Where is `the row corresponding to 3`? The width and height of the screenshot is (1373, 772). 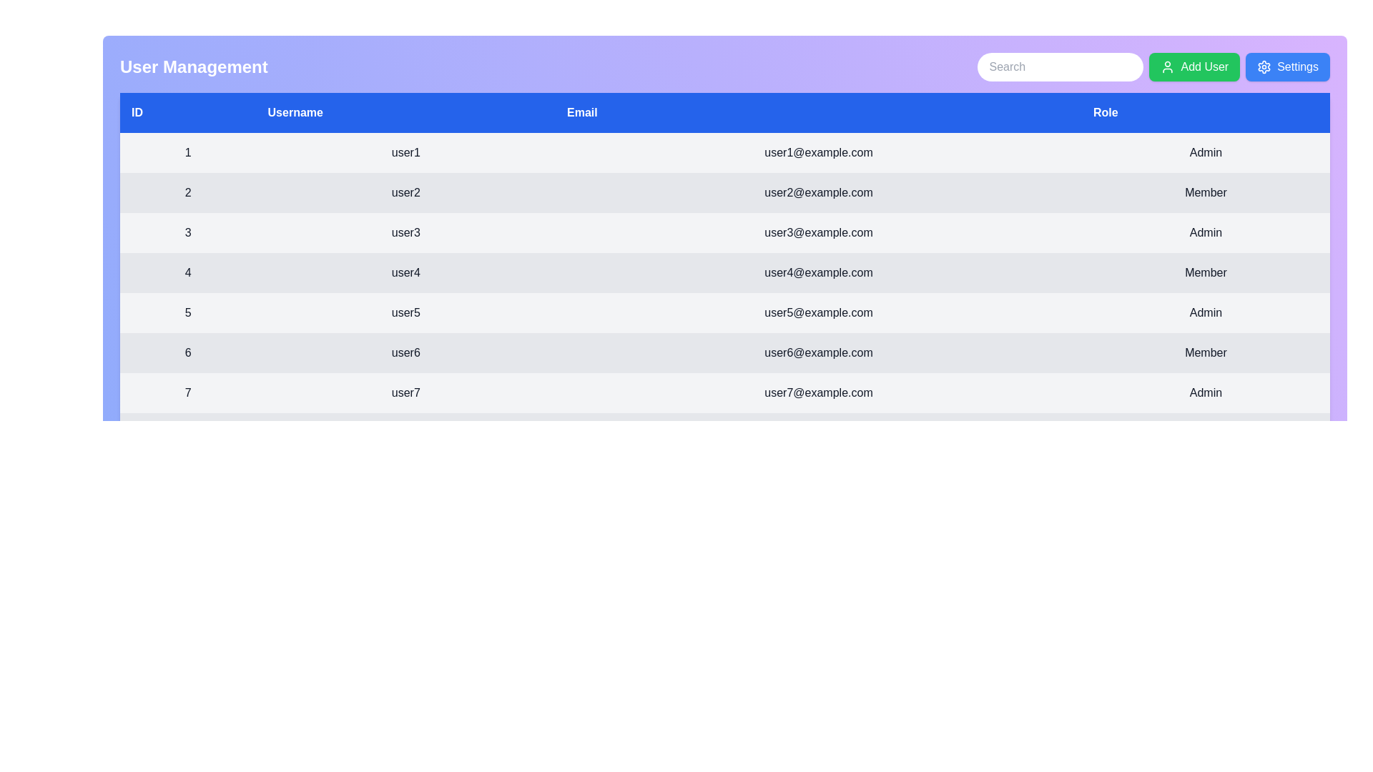
the row corresponding to 3 is located at coordinates (724, 232).